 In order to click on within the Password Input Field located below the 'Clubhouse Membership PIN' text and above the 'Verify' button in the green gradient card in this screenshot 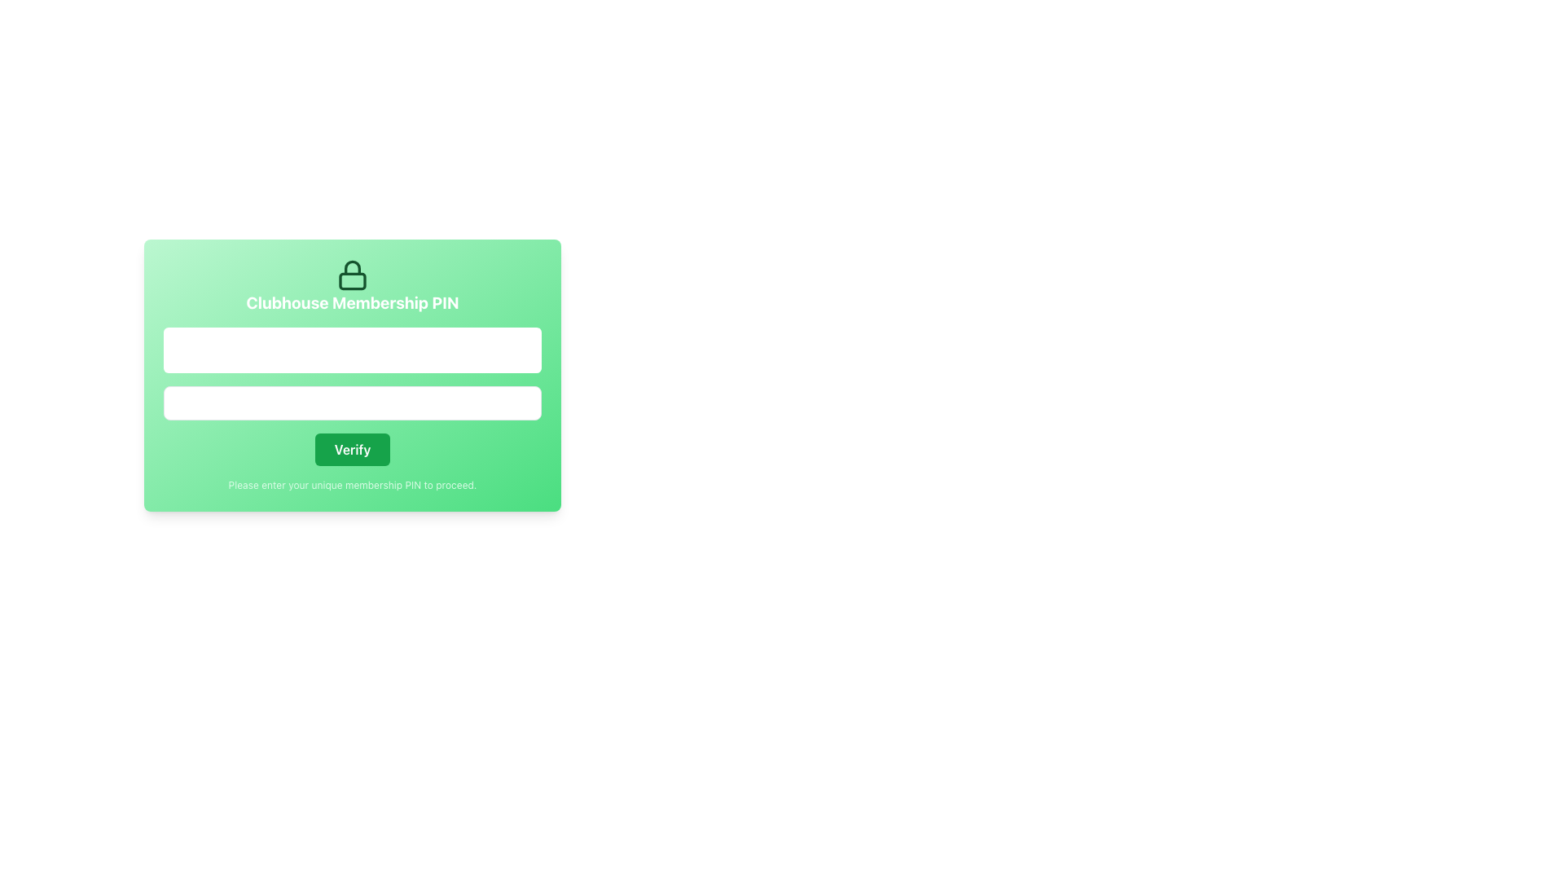, I will do `click(351, 403)`.